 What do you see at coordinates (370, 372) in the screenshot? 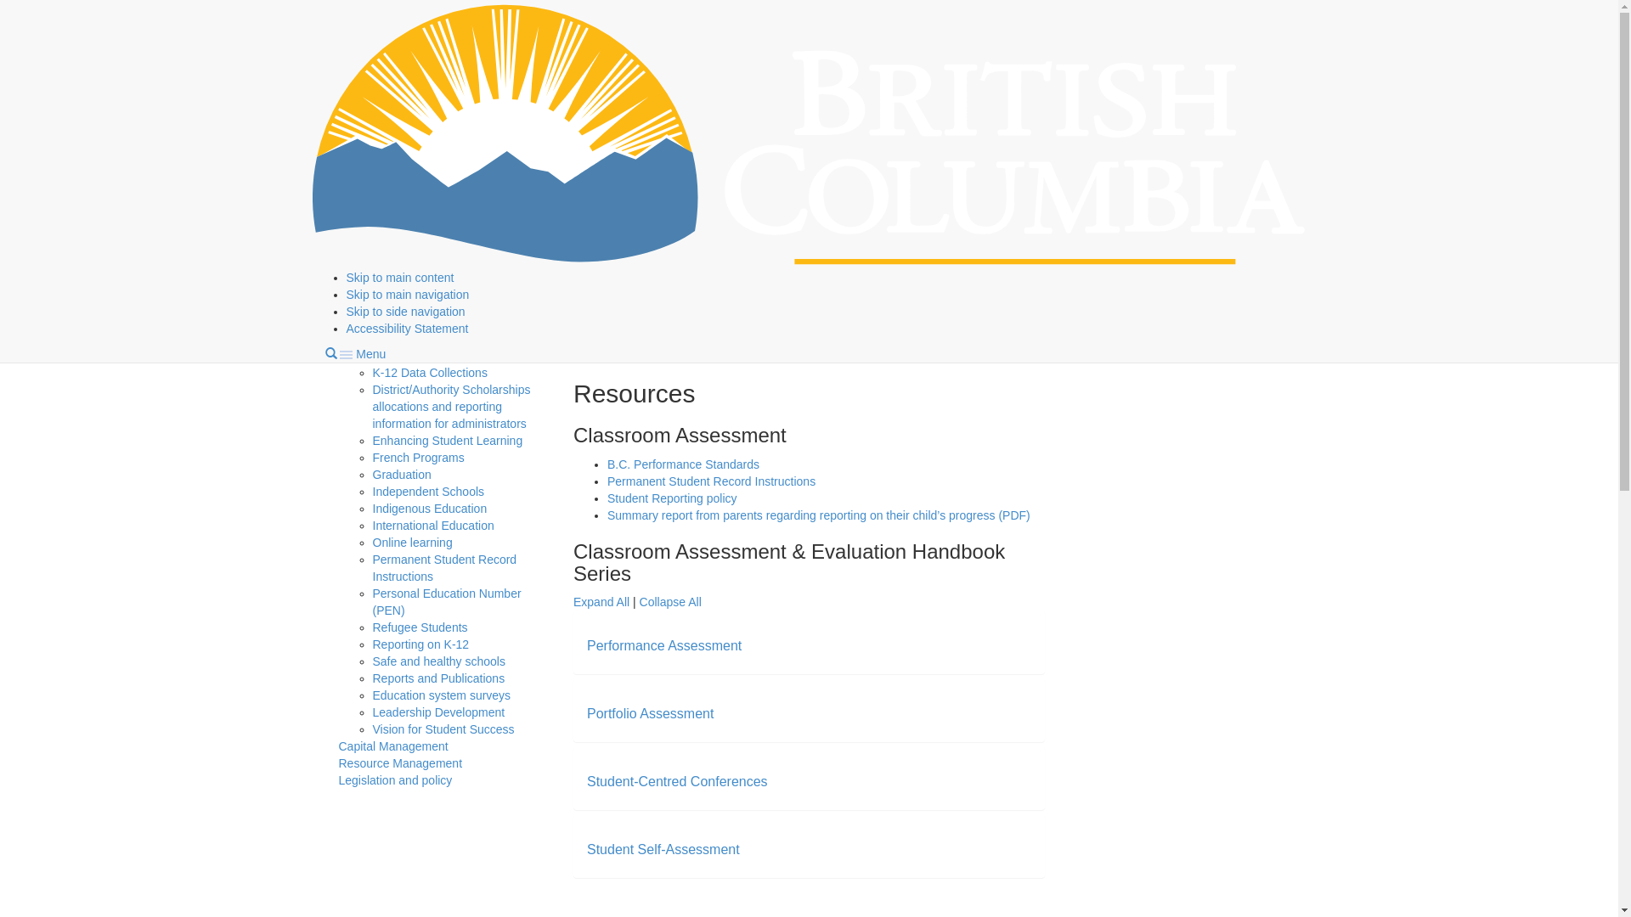
I see `'K-12 Data Collections'` at bounding box center [370, 372].